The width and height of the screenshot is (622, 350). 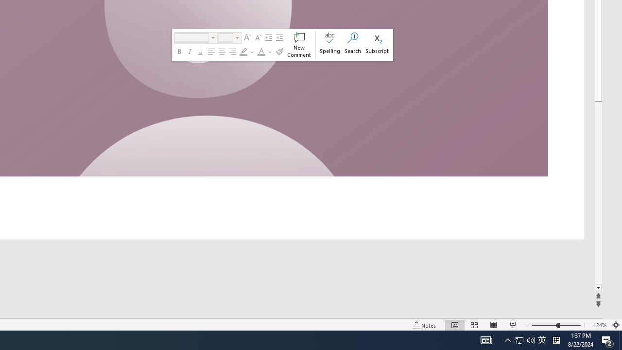 I want to click on 'Slide Sorter', so click(x=474, y=325).